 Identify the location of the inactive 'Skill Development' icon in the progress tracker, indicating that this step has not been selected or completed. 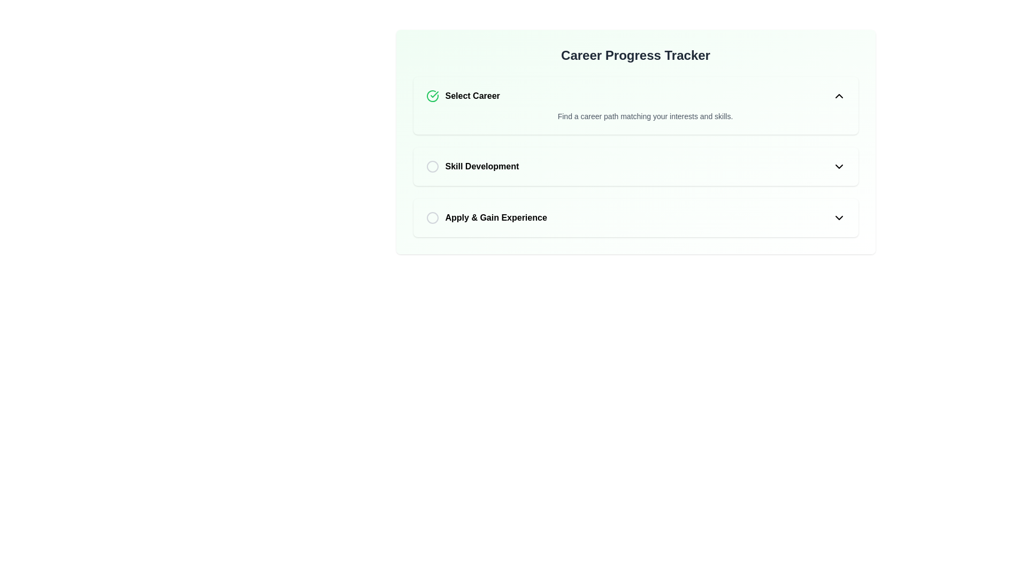
(432, 167).